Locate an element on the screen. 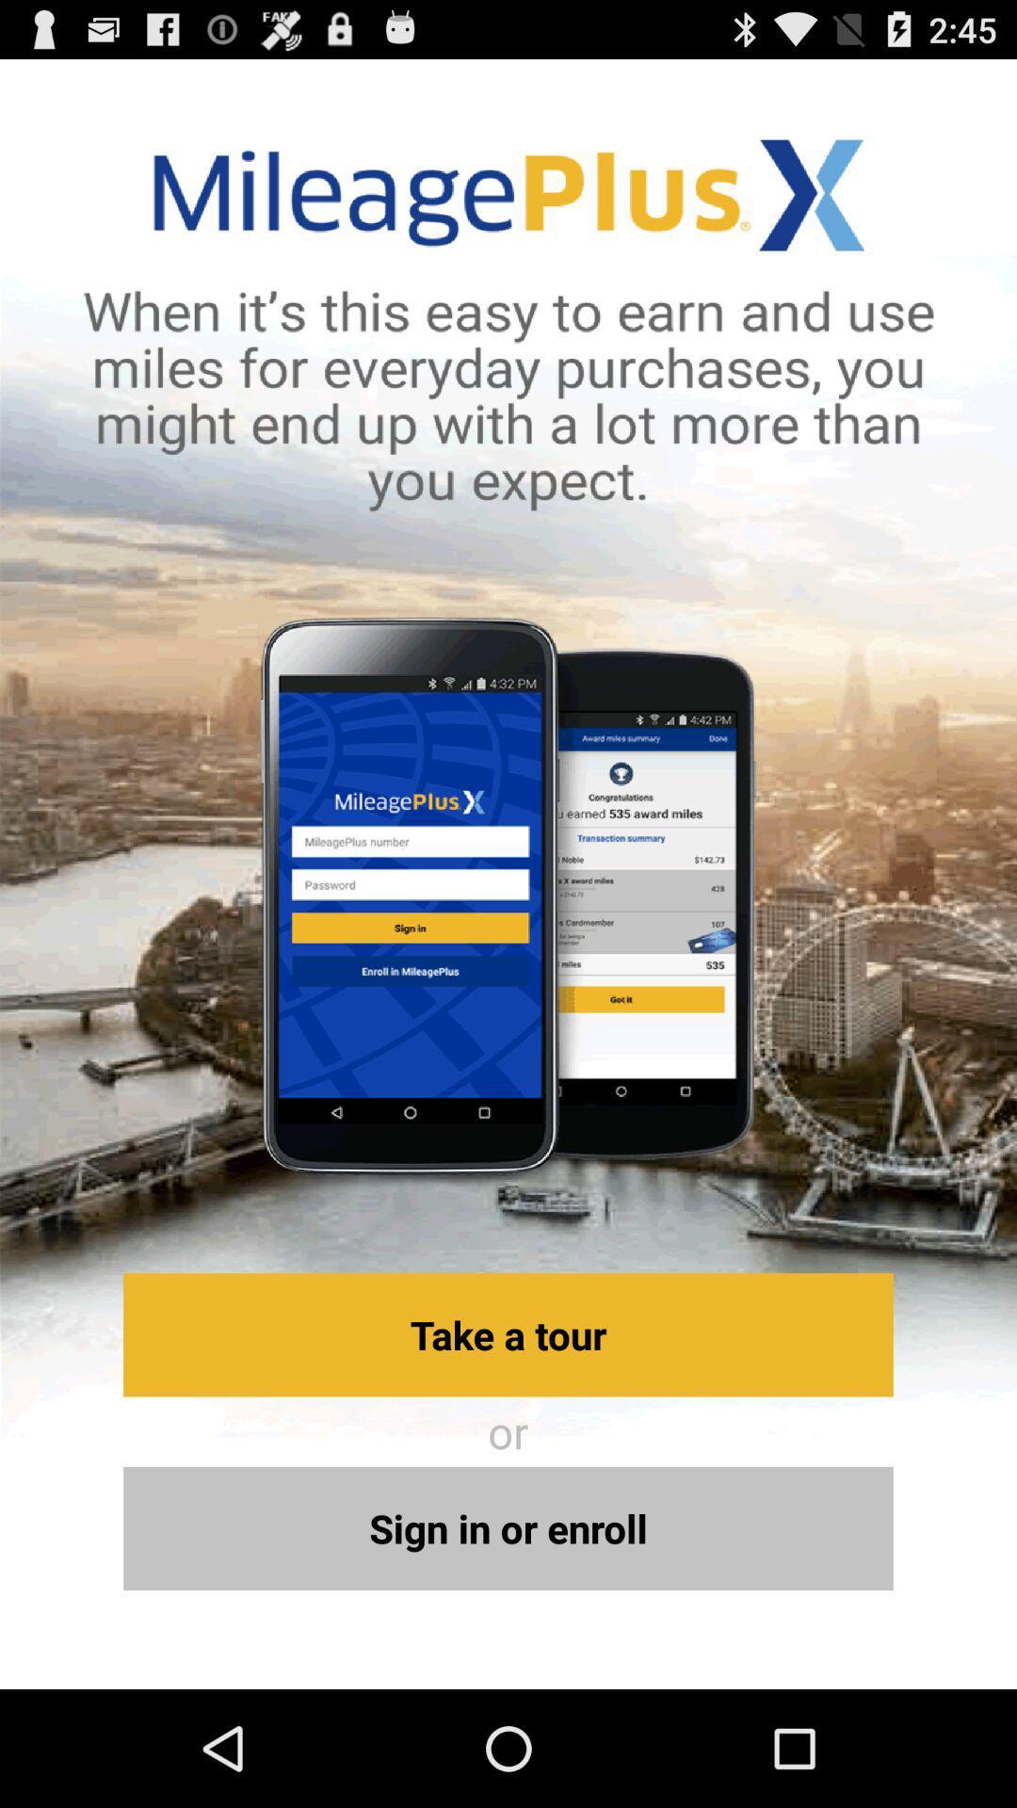 The width and height of the screenshot is (1017, 1808). sign in or is located at coordinates (508, 1528).